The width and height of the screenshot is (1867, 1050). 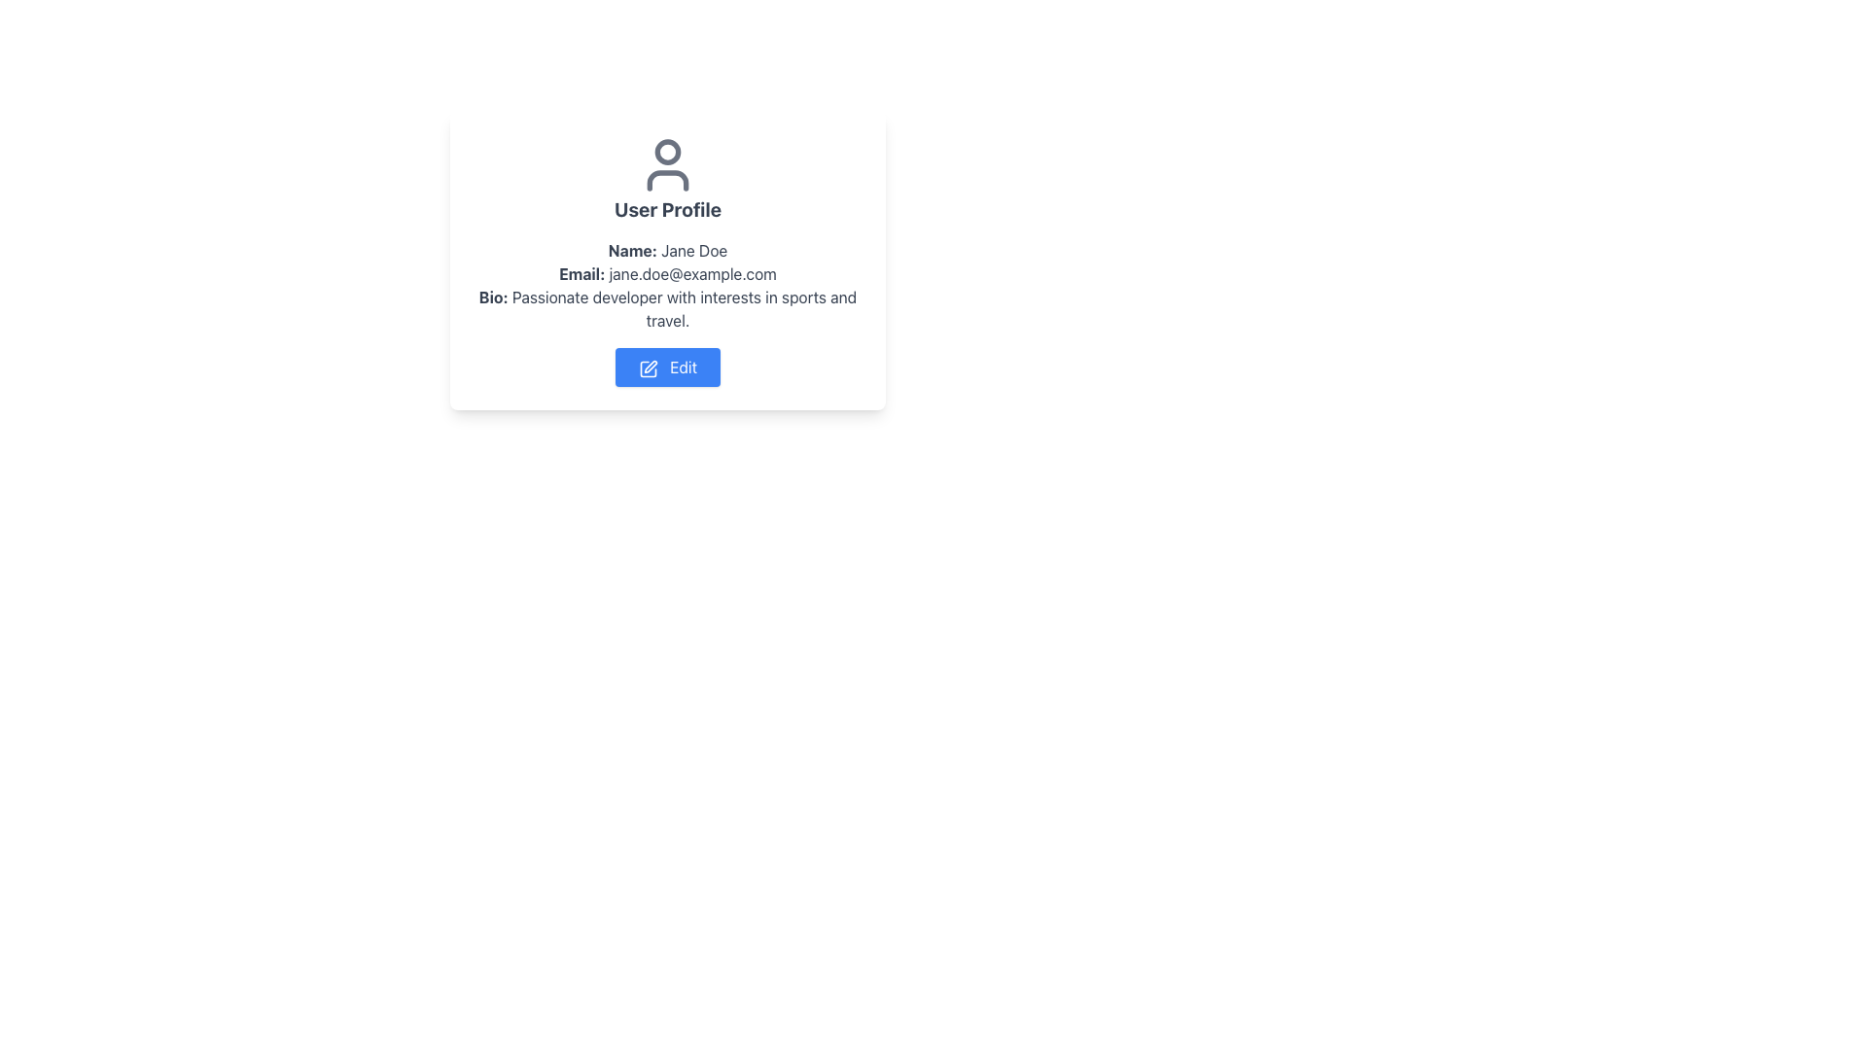 I want to click on the non-interactive text label displaying the user's name located below the 'User Profile' title in the profile card section, so click(x=667, y=250).